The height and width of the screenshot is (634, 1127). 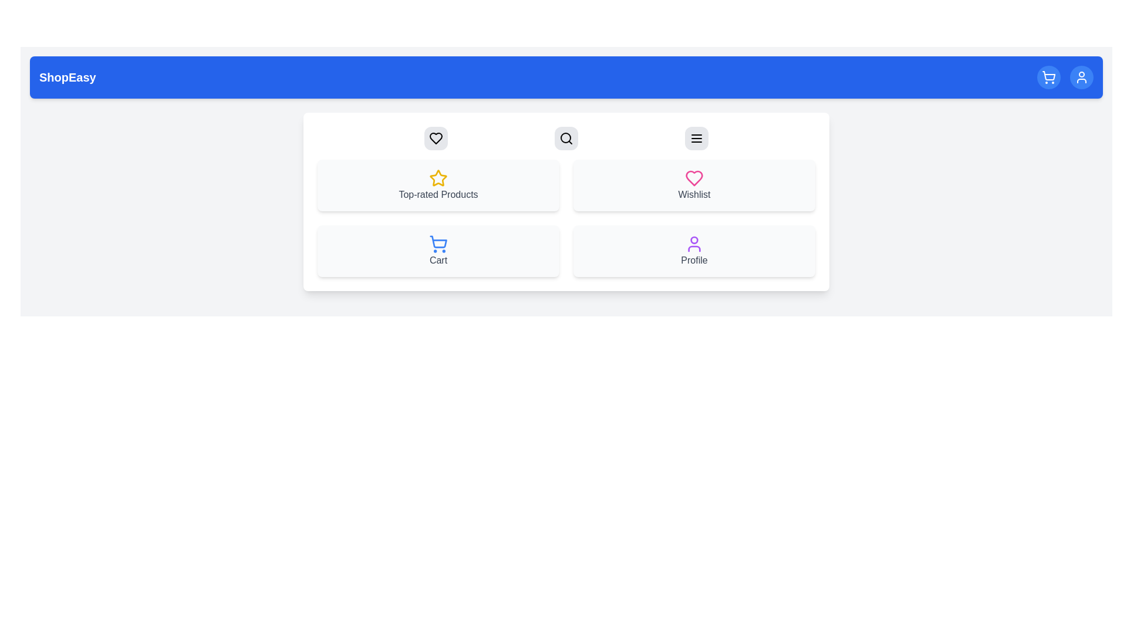 I want to click on the star-shaped icon with a yellow outline located in the top-left rectangular box above the 'Top-rated Products' text, so click(x=438, y=178).